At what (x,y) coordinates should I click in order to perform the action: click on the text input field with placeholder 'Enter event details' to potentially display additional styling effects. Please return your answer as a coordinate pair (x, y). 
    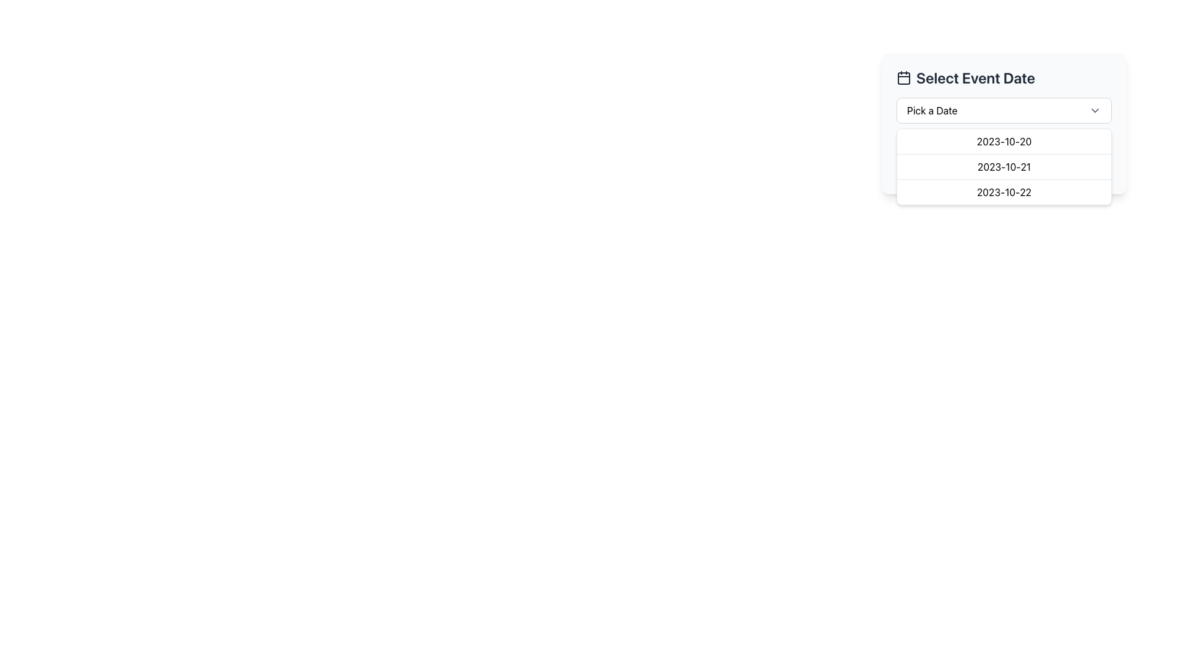
    Looking at the image, I should click on (1004, 166).